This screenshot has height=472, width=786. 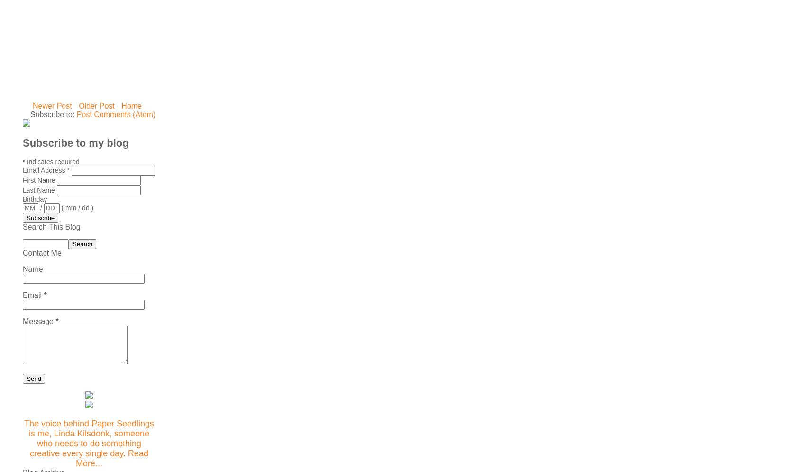 I want to click on 'Birthday', so click(x=34, y=199).